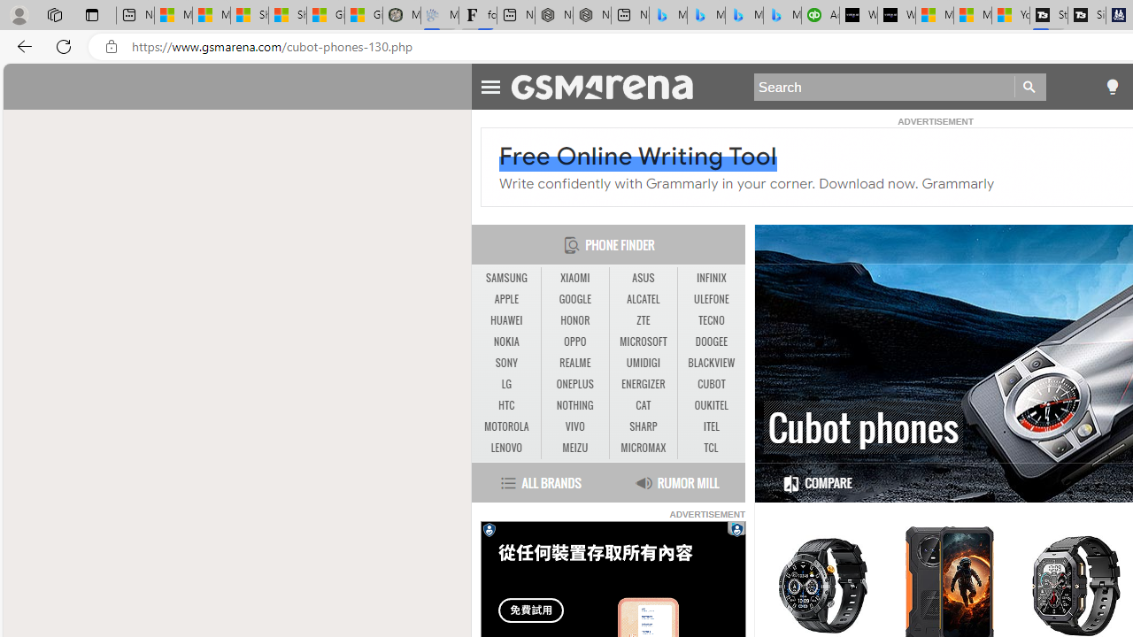  Describe the element at coordinates (711, 363) in the screenshot. I see `'BLACKVIEW'` at that location.